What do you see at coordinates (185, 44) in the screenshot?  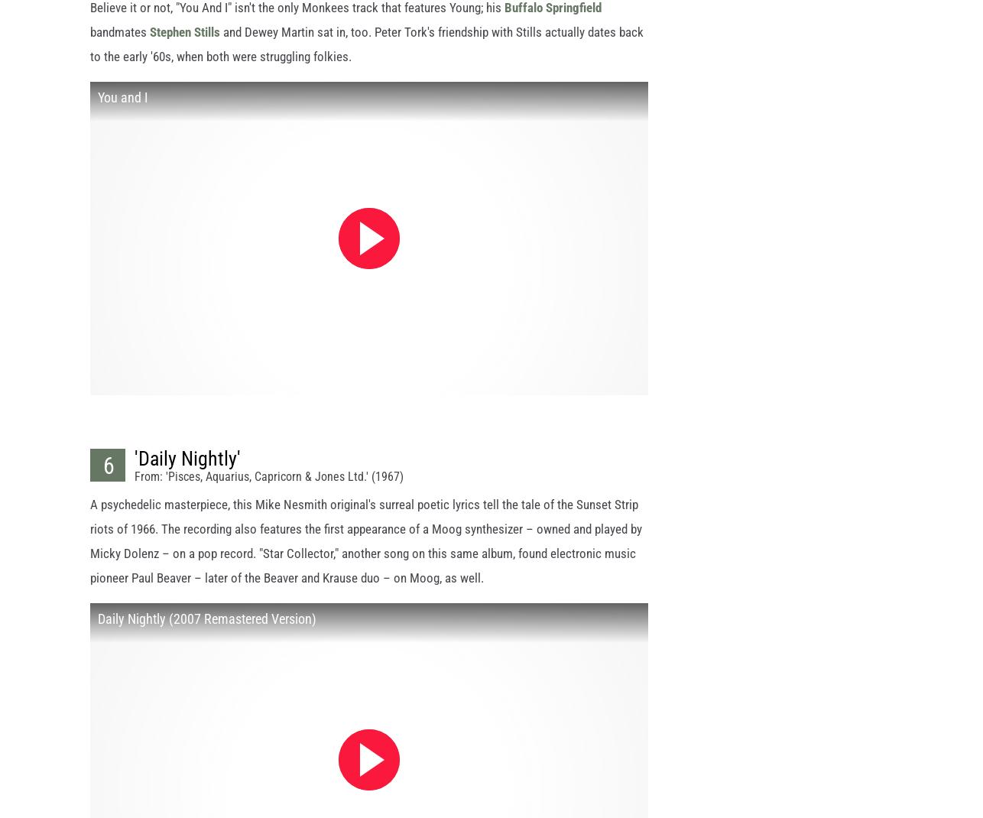 I see `'Stephen Stills'` at bounding box center [185, 44].